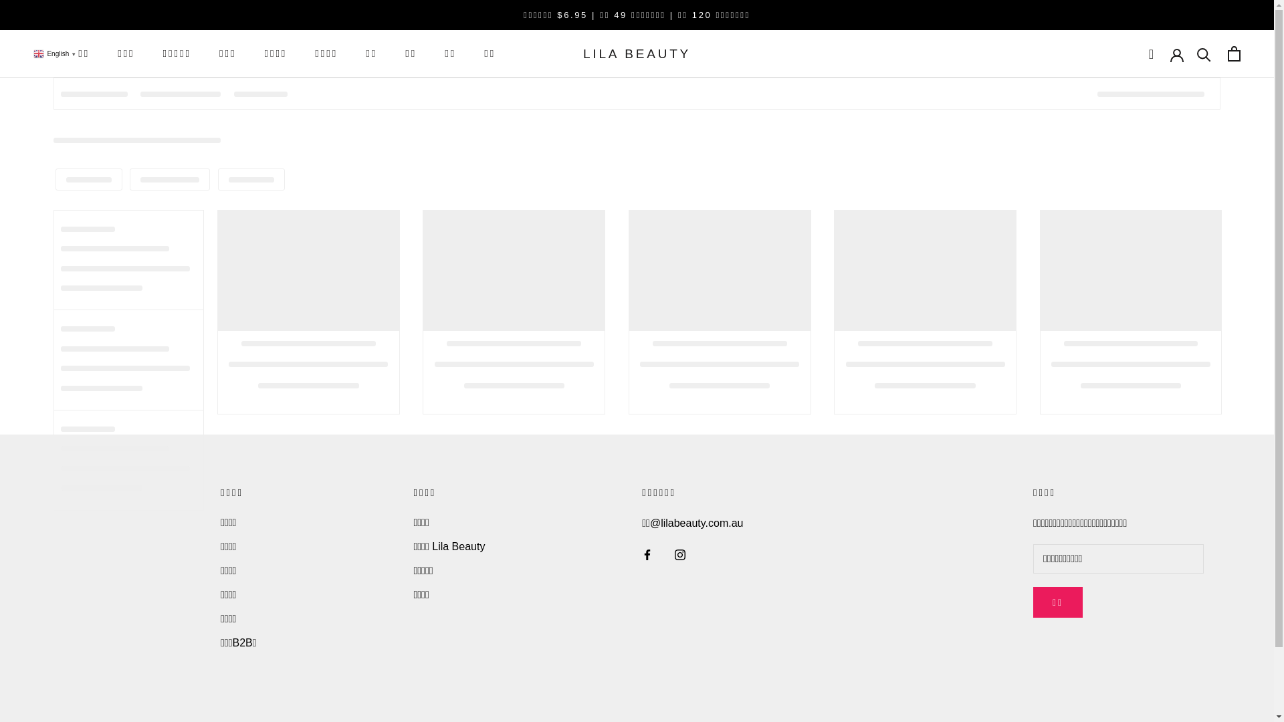 The image size is (1284, 722). What do you see at coordinates (636, 53) in the screenshot?
I see `'LILA BEAUTY'` at bounding box center [636, 53].